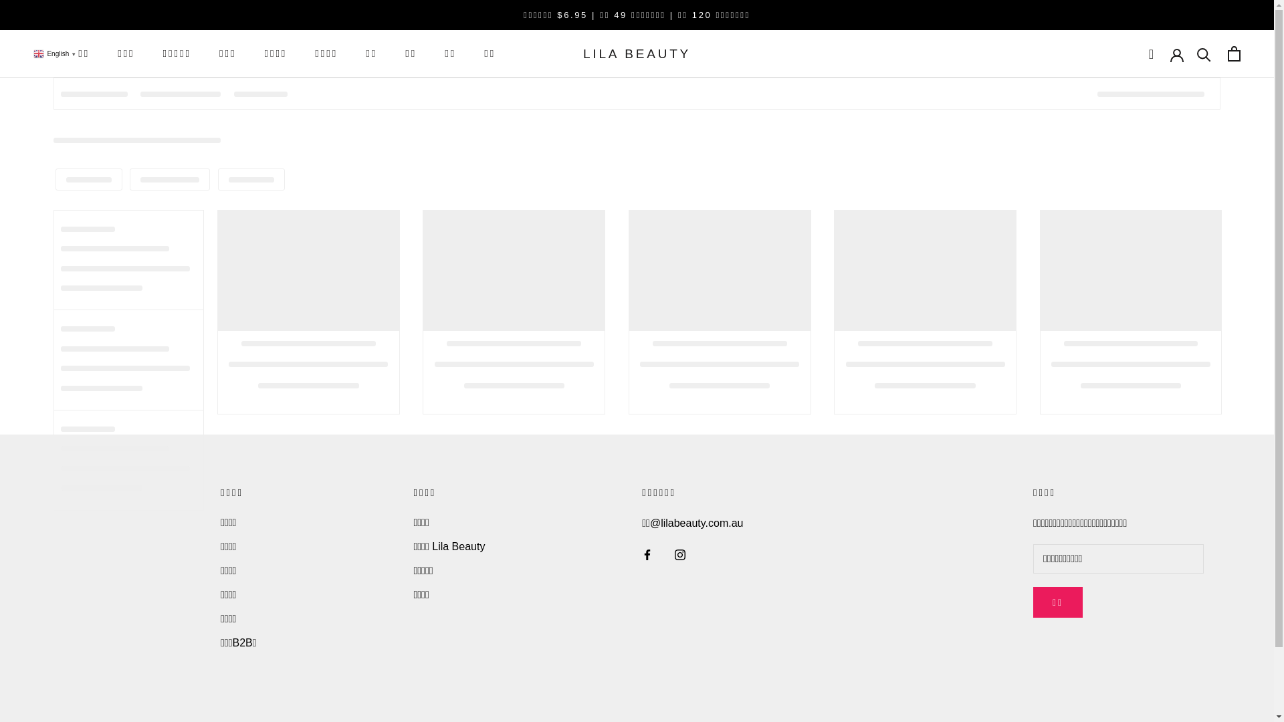 The image size is (1284, 722). What do you see at coordinates (636, 53) in the screenshot?
I see `'LILA BEAUTY'` at bounding box center [636, 53].